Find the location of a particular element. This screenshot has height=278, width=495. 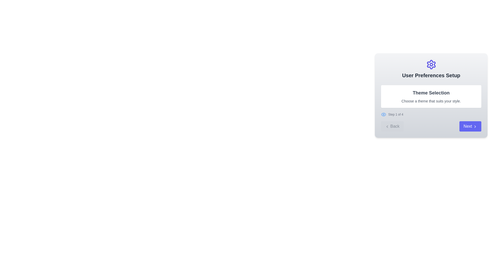

the small circular icon decoration located at the center-top of the gear-shaped icon in the 'User Preferences Setup' dialog box is located at coordinates (431, 64).